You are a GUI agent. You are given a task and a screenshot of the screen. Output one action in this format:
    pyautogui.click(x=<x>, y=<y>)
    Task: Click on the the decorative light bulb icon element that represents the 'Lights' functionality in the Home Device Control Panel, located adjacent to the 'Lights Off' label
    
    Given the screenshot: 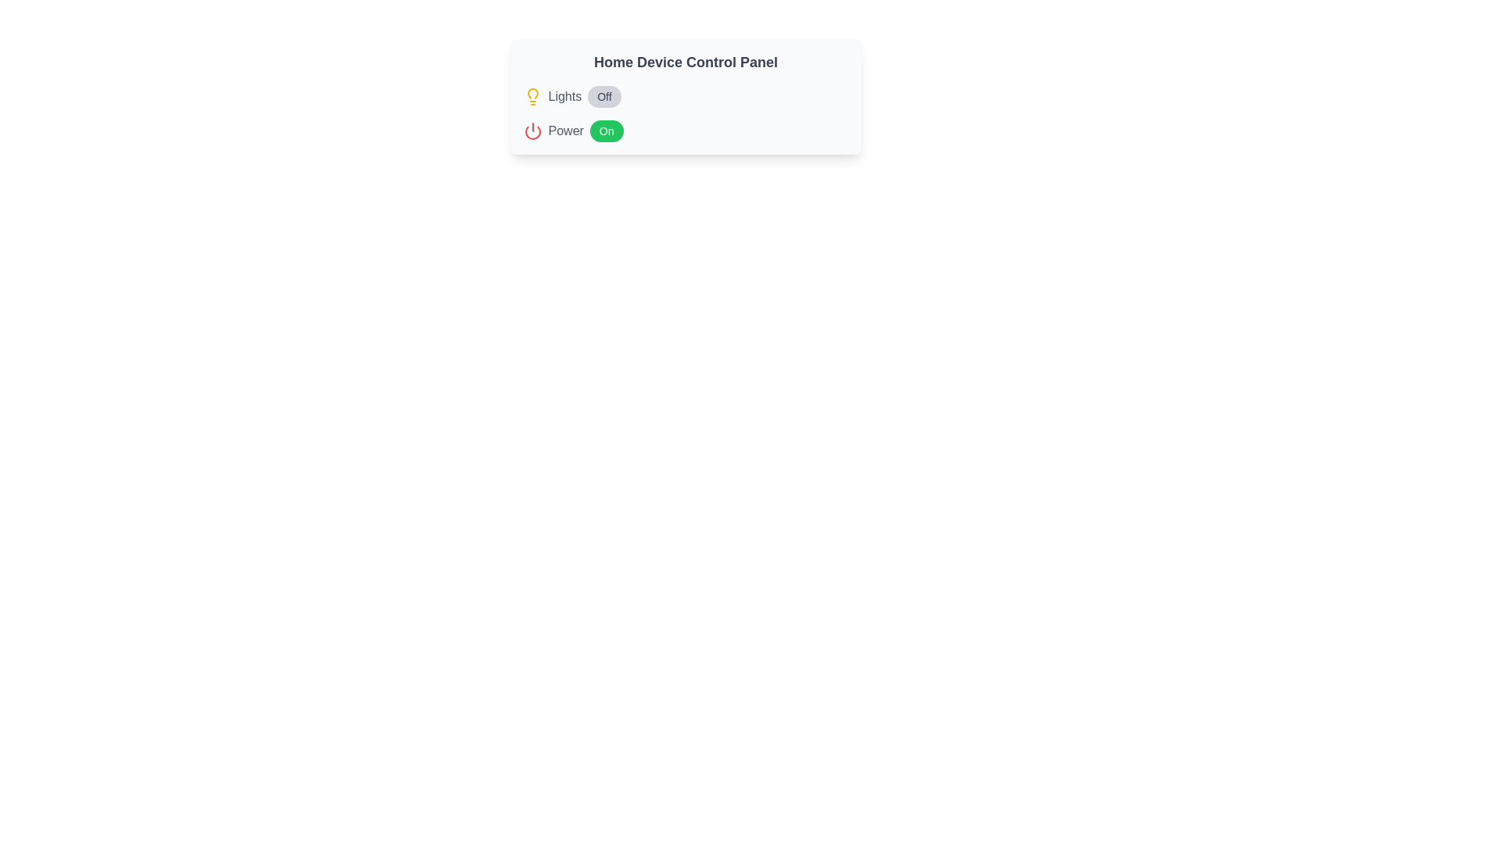 What is the action you would take?
    pyautogui.click(x=532, y=93)
    